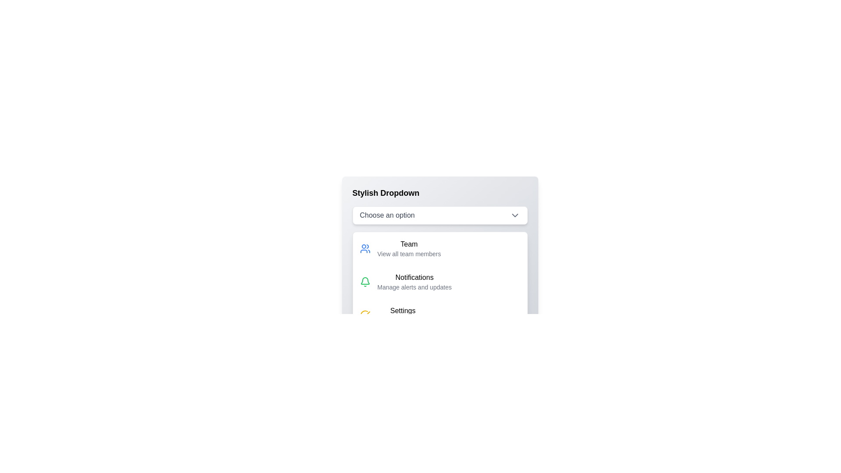 The height and width of the screenshot is (473, 841). Describe the element at coordinates (440, 315) in the screenshot. I see `the third menu item in the dropdown menu` at that location.